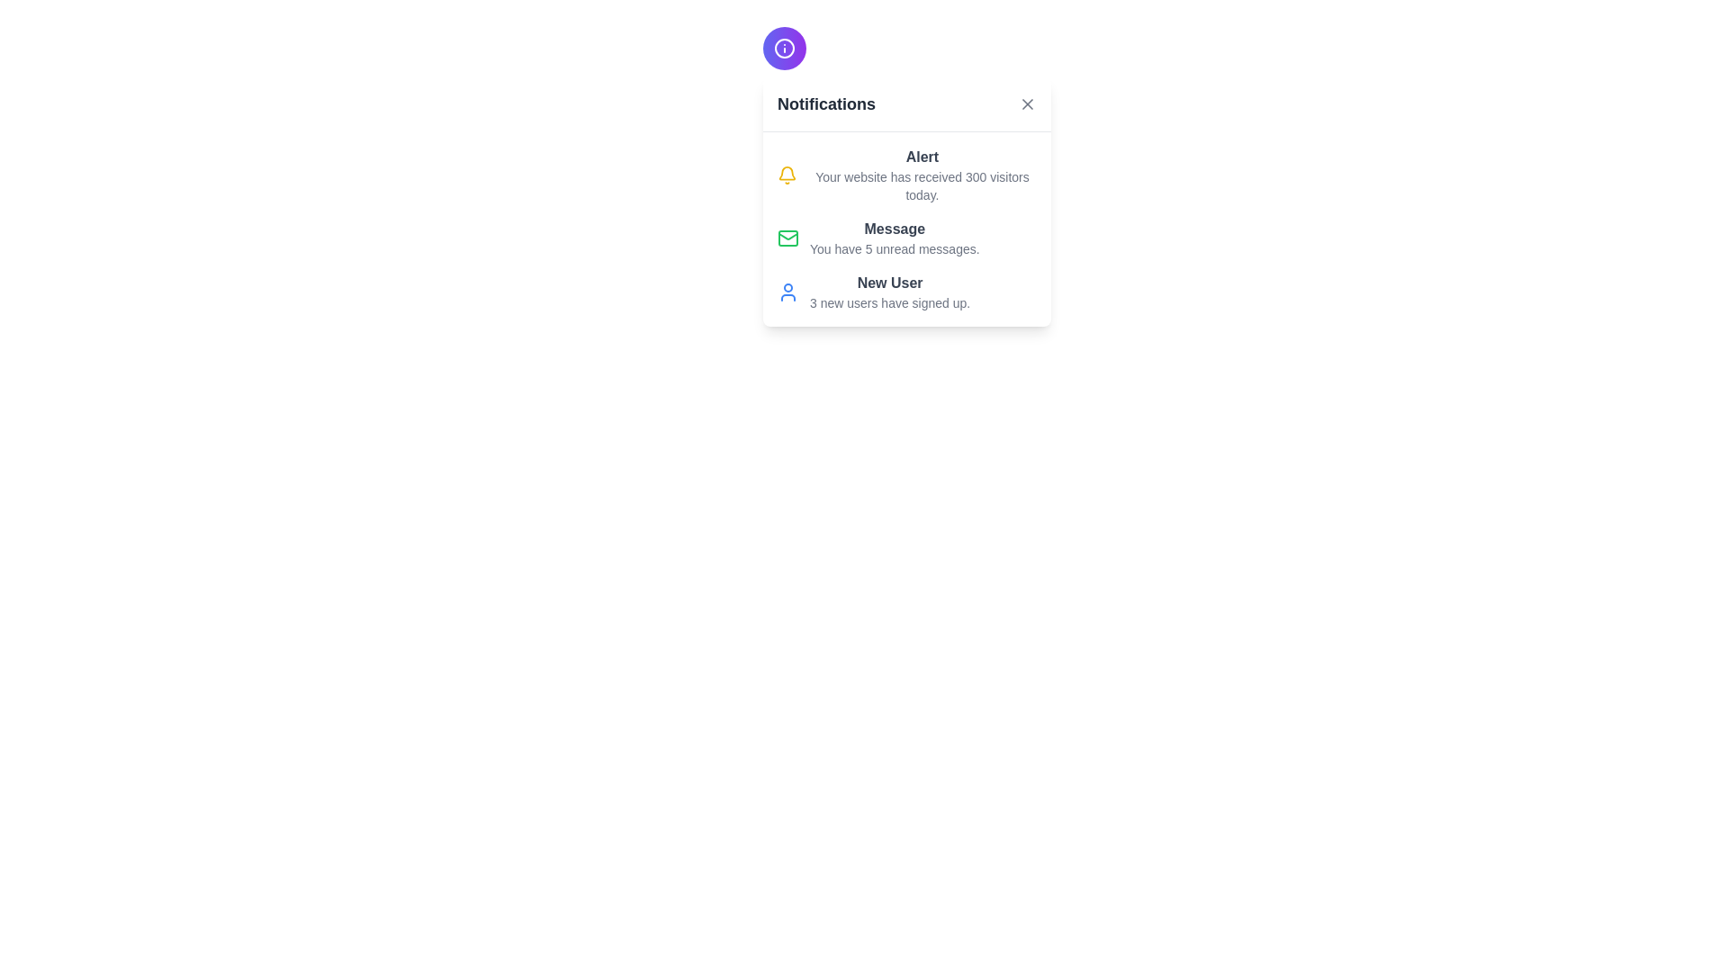  I want to click on the text label displaying 'You have 5 unread messages.' located below the 'Message' label in the notifications panel, so click(895, 249).